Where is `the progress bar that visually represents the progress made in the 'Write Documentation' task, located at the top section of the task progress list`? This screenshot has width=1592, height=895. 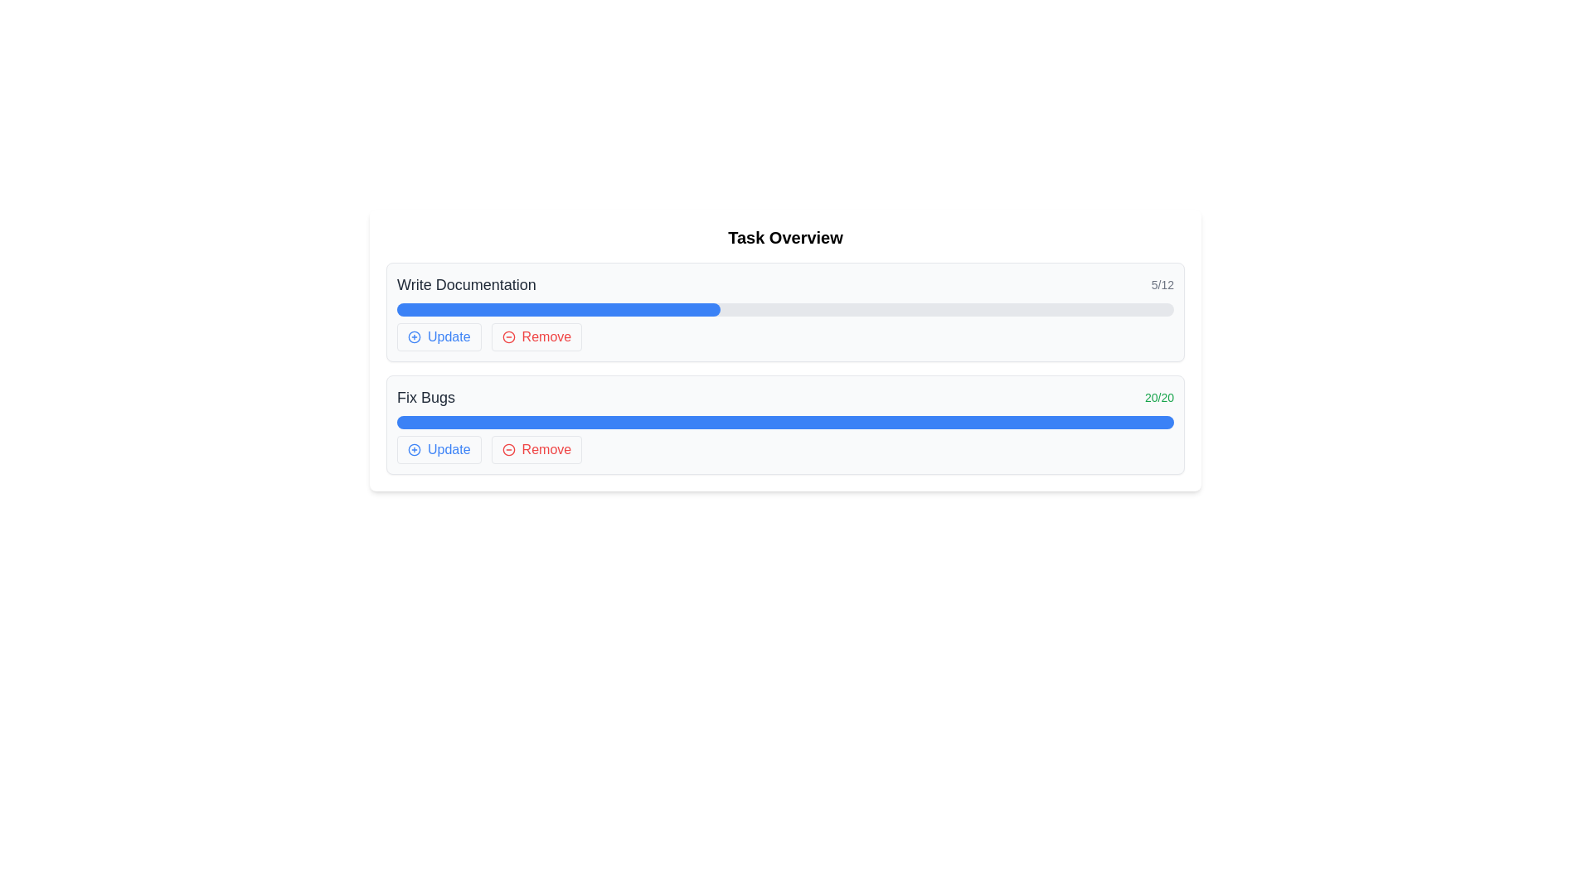
the progress bar that visually represents the progress made in the 'Write Documentation' task, located at the top section of the task progress list is located at coordinates (559, 310).